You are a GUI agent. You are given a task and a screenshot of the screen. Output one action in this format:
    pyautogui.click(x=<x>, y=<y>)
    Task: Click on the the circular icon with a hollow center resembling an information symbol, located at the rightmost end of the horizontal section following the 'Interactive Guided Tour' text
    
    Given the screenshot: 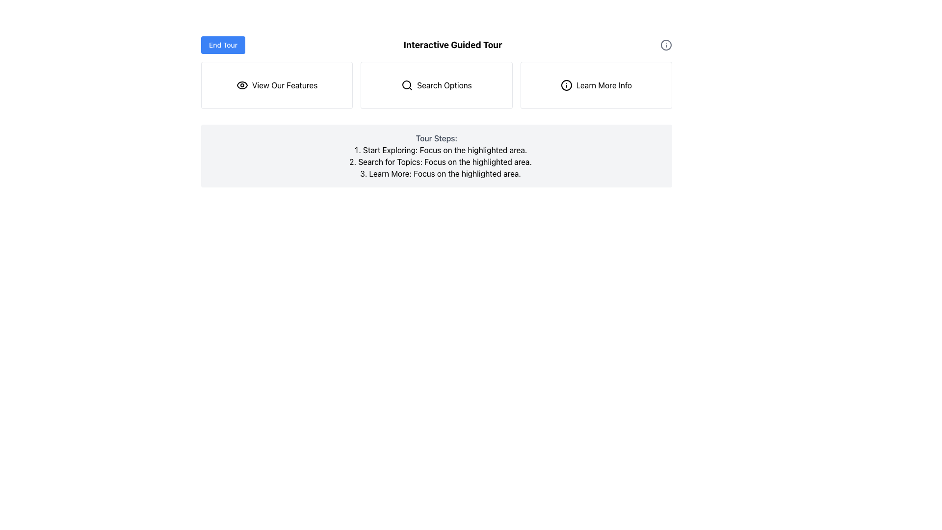 What is the action you would take?
    pyautogui.click(x=666, y=45)
    